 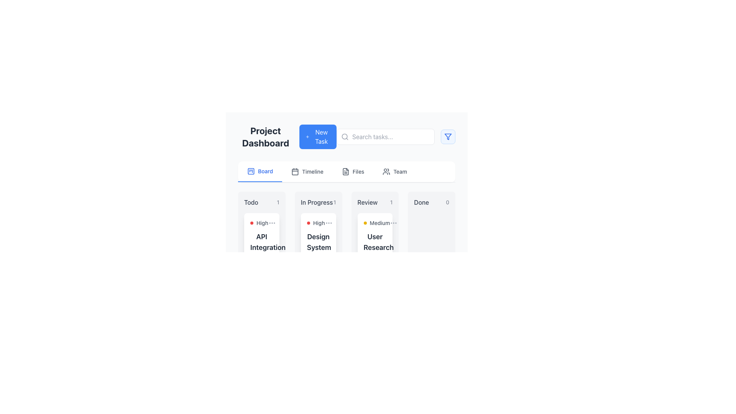 I want to click on the 'Files' icon in the top navigation bar, located between the 'Timeline' and 'Team' menu items, so click(x=345, y=171).